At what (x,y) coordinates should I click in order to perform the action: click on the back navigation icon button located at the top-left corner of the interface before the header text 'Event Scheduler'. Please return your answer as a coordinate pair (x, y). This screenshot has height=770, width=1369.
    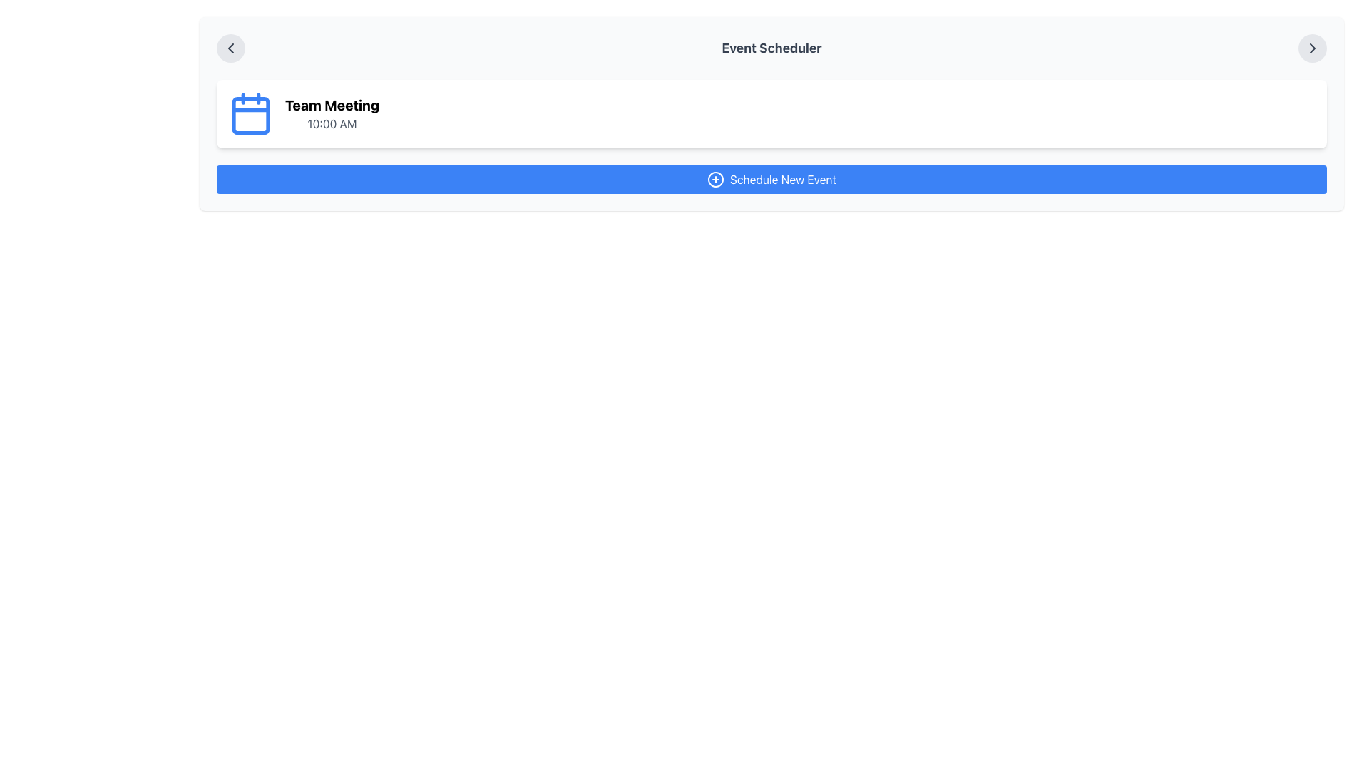
    Looking at the image, I should click on (231, 48).